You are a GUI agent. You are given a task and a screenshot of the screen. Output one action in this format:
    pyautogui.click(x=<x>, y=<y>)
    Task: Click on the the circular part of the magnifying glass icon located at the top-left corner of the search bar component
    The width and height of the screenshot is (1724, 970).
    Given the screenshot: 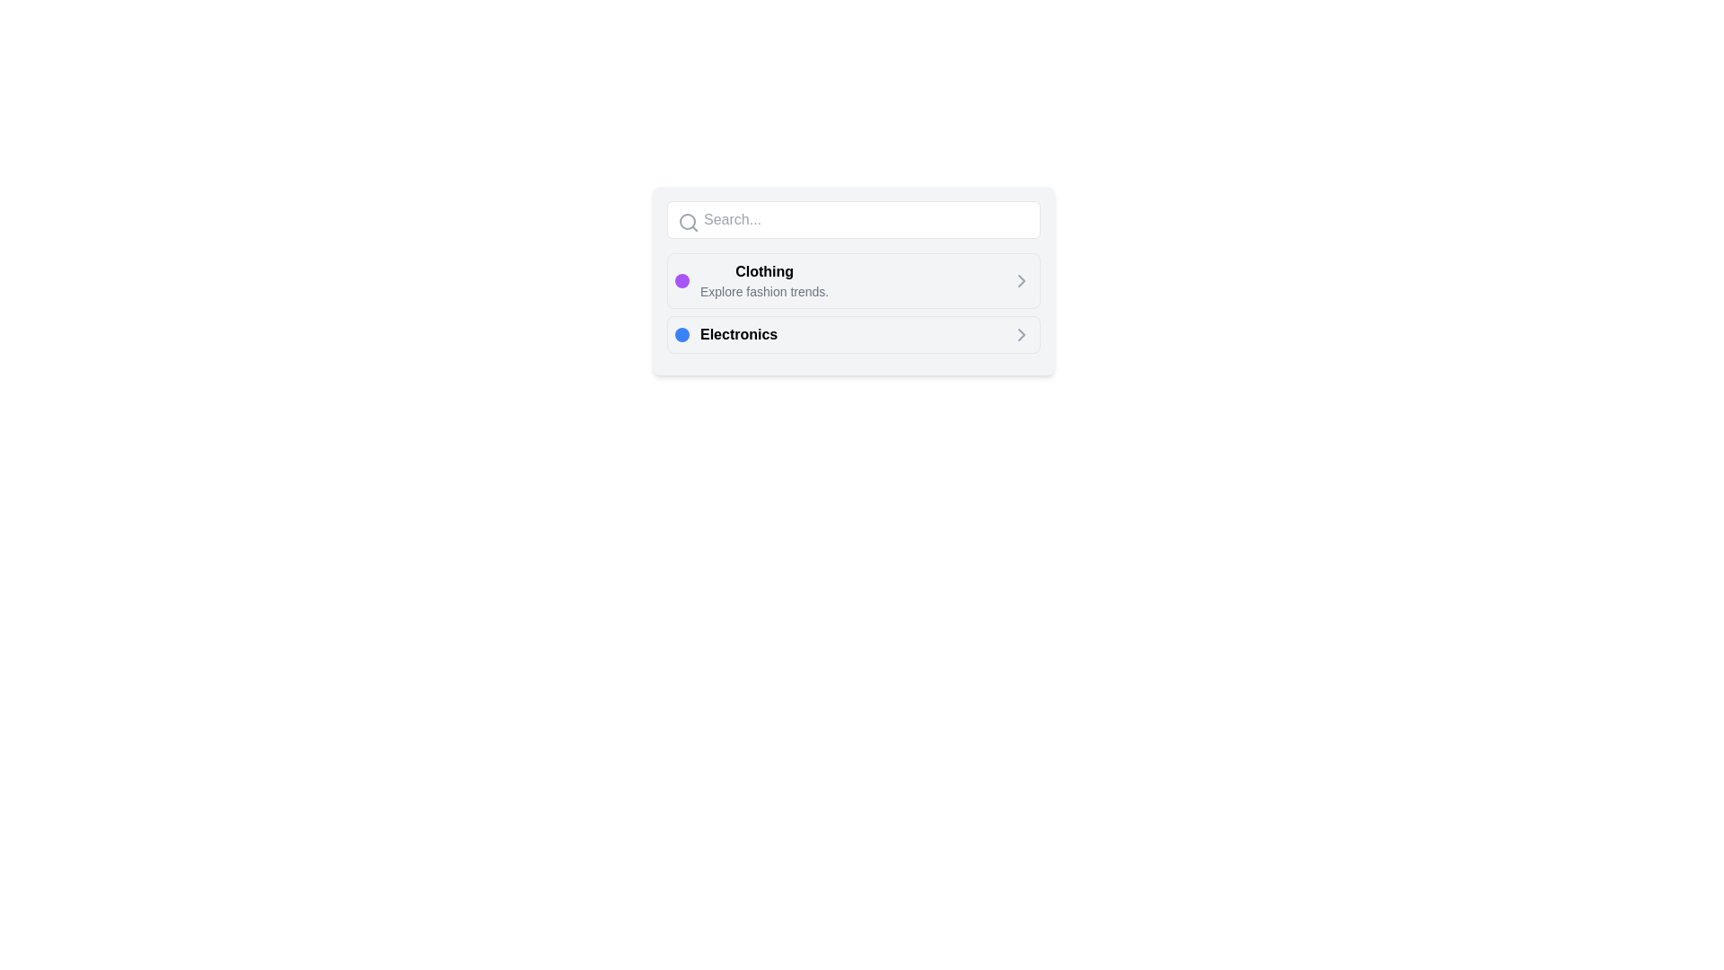 What is the action you would take?
    pyautogui.click(x=687, y=220)
    